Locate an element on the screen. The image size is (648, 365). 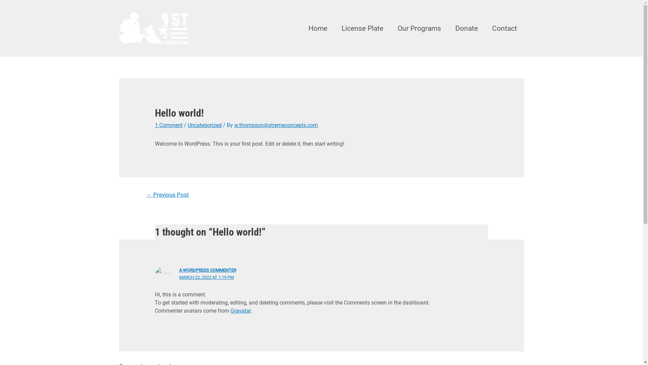
'Gravatar' is located at coordinates (241, 311).